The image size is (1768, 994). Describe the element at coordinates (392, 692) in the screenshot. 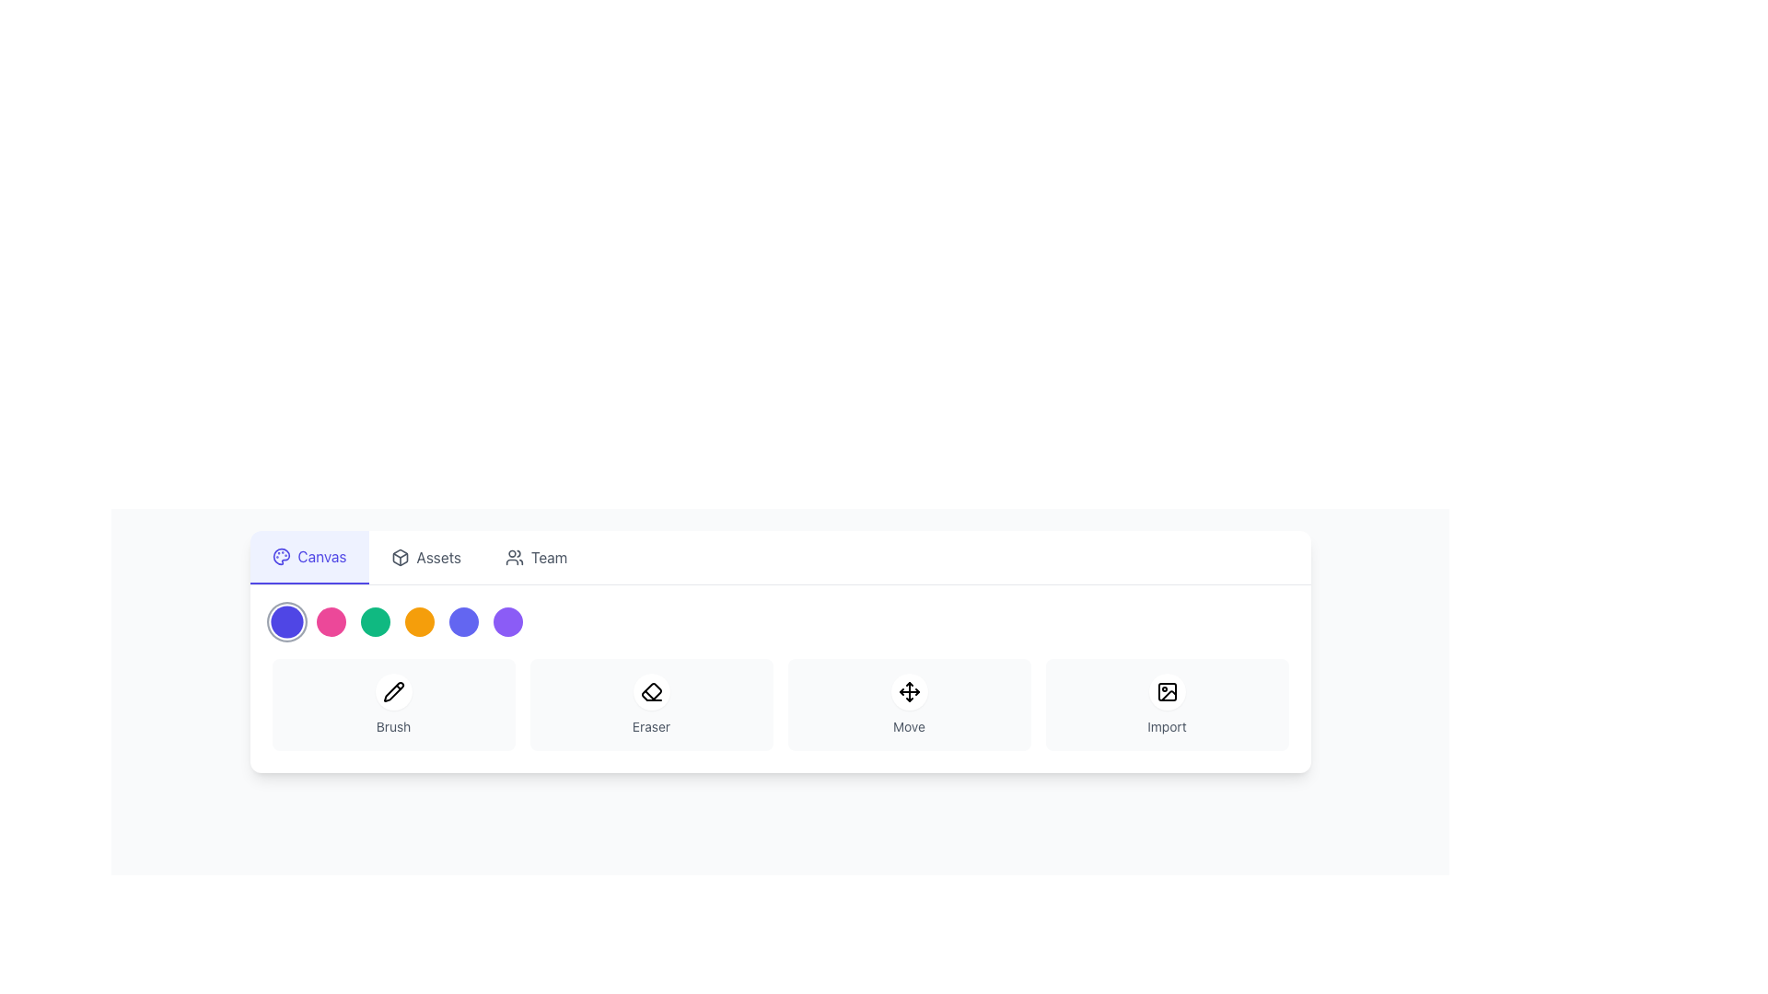

I see `the pencil icon located at the center of the 'Brush' button in the toolbar` at that location.